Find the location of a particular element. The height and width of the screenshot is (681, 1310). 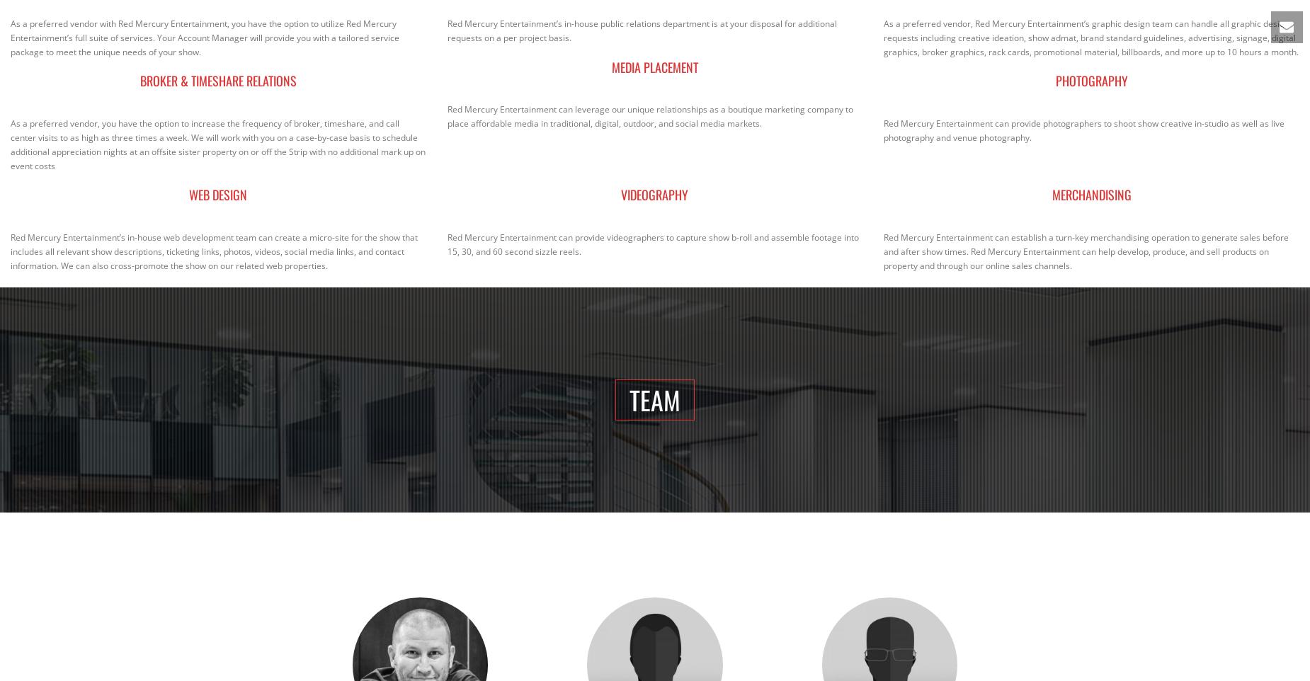

'Red Mercury Entertainment’s in-house public relations department is at your disposal for additional requests on a per project basis.' is located at coordinates (447, 29).